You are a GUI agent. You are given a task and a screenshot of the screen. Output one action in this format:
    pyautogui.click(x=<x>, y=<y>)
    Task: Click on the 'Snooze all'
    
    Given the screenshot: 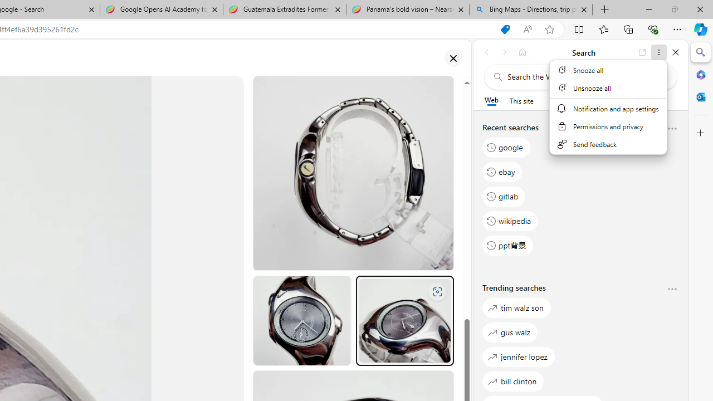 What is the action you would take?
    pyautogui.click(x=607, y=70)
    